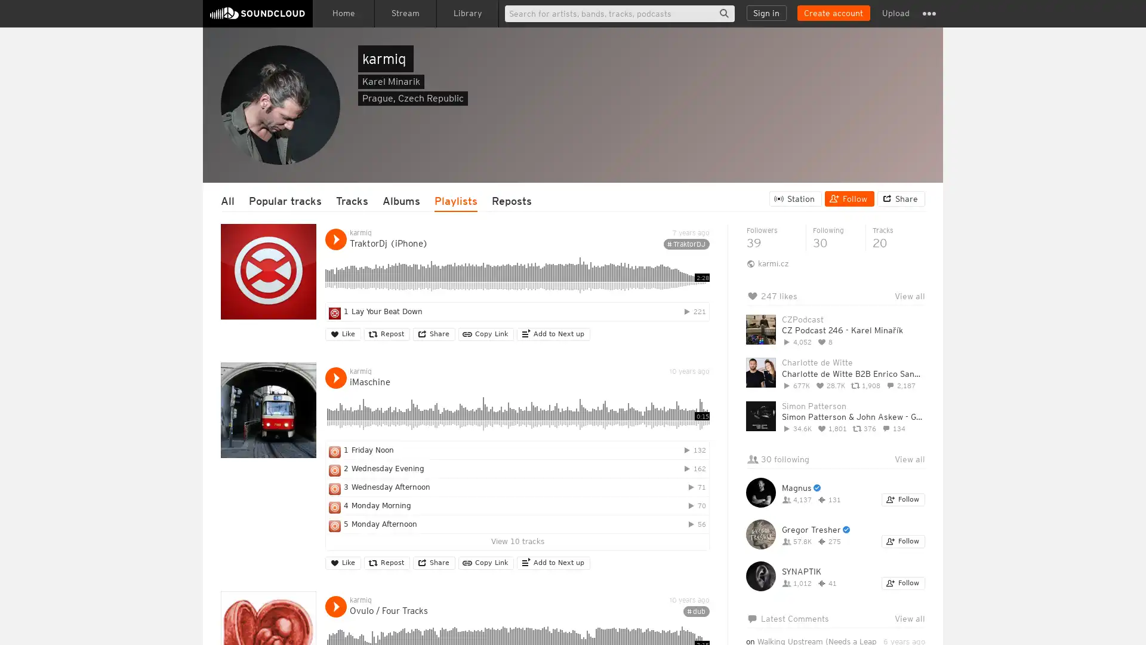 This screenshot has height=645, width=1146. Describe the element at coordinates (849, 198) in the screenshot. I see `Follow` at that location.